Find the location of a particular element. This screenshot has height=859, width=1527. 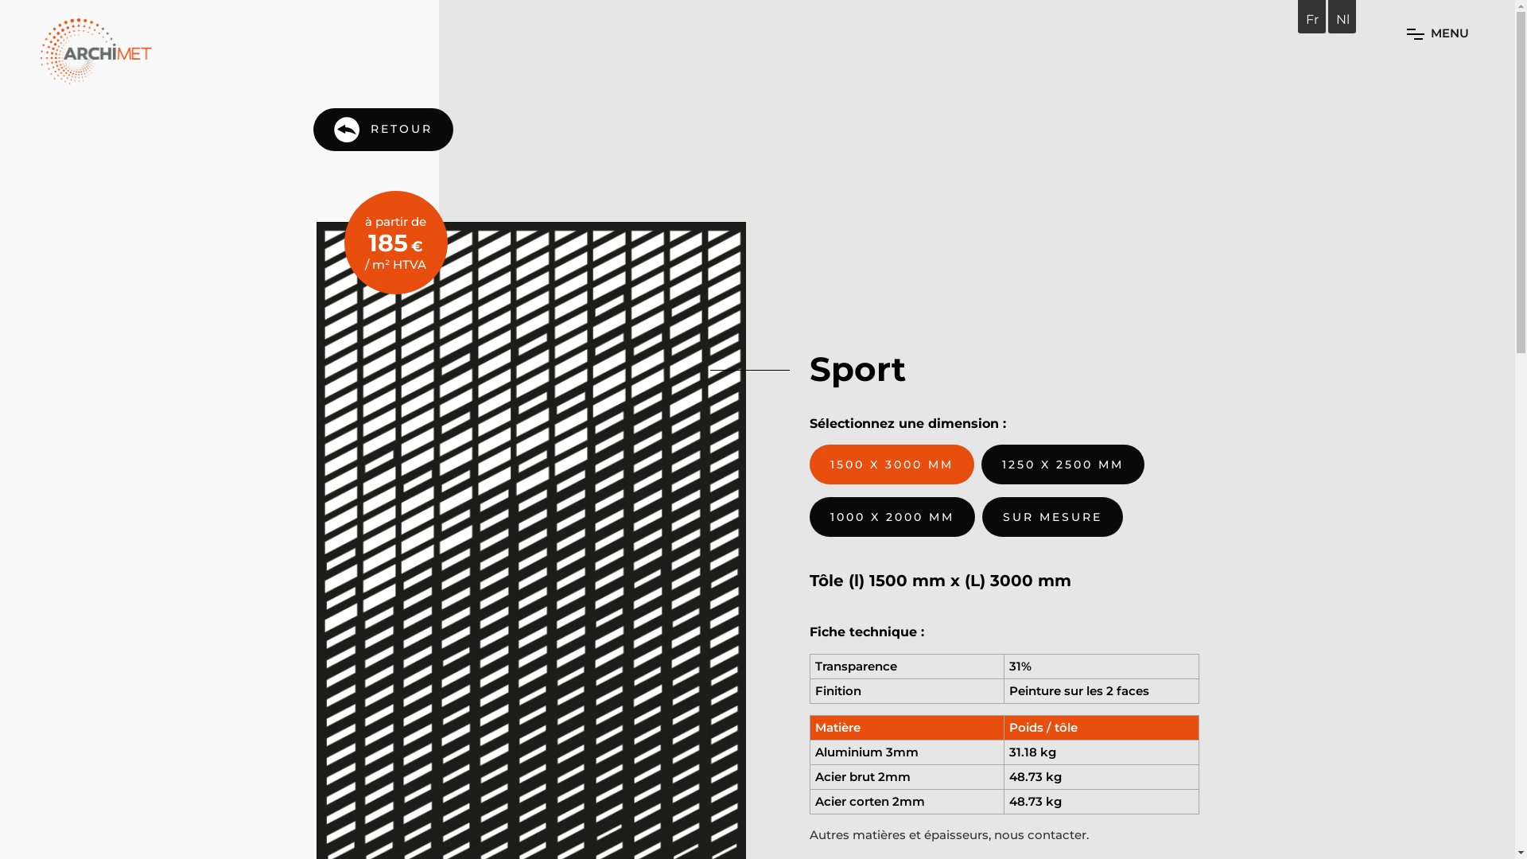

'Fr' is located at coordinates (1305, 19).